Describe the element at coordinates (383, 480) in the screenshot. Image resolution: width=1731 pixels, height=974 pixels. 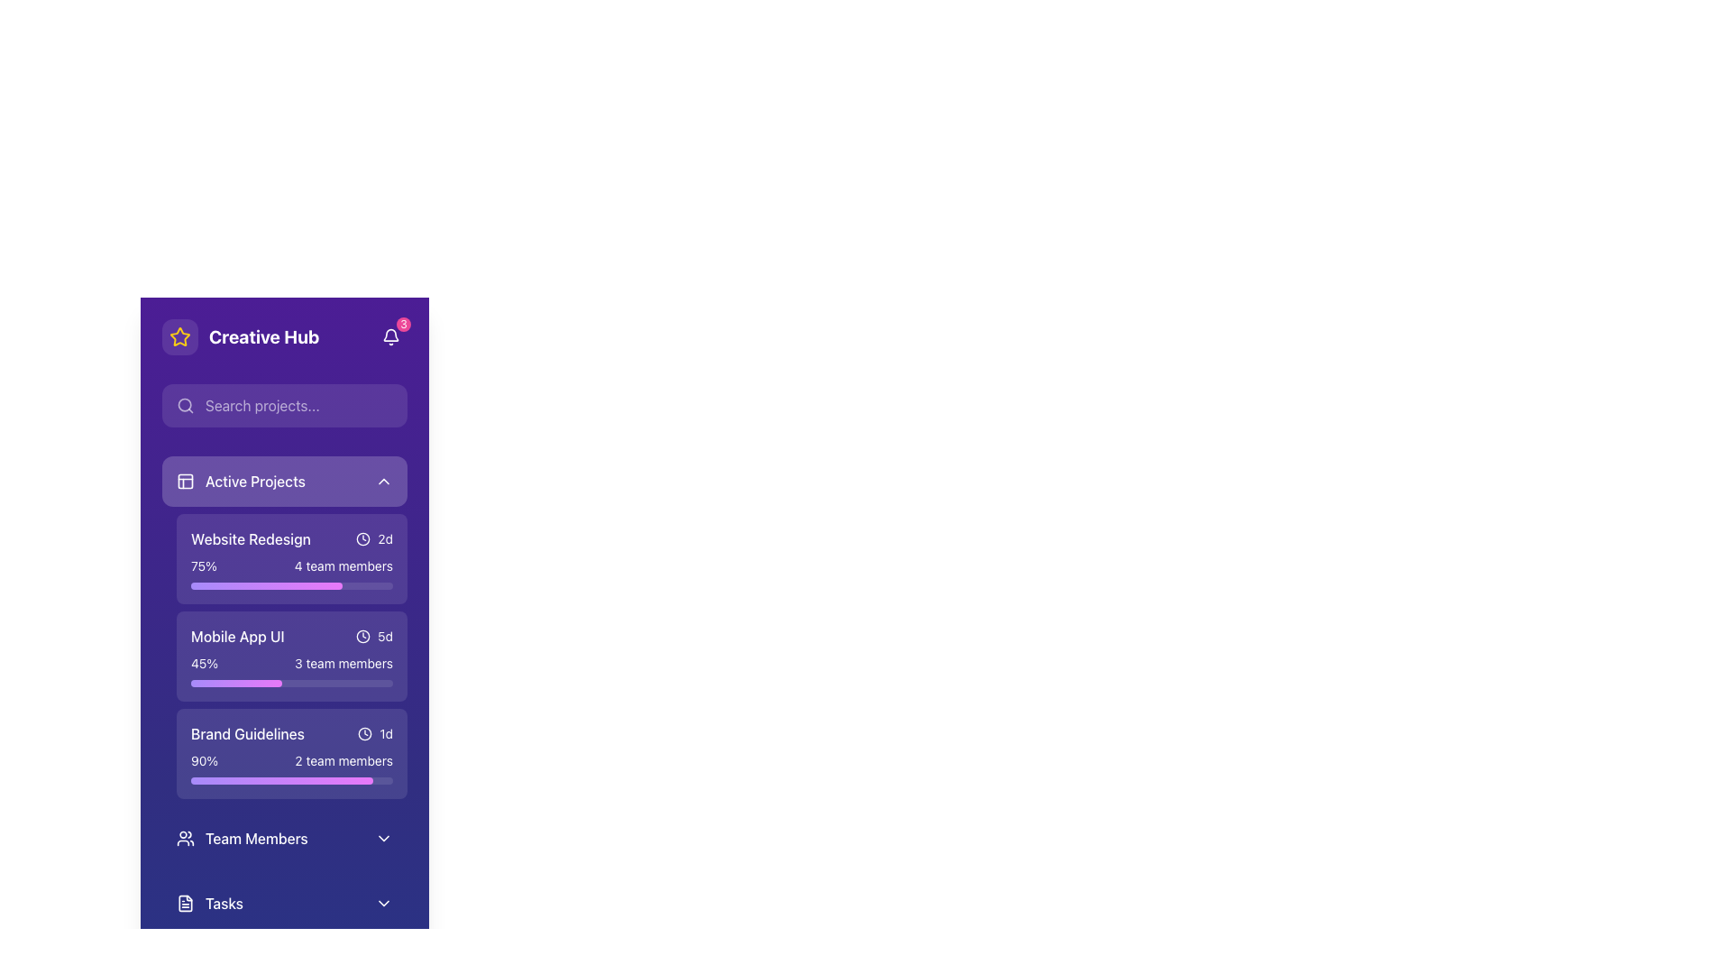
I see `the chevron-down icon in the 'Active Projects' section header` at that location.